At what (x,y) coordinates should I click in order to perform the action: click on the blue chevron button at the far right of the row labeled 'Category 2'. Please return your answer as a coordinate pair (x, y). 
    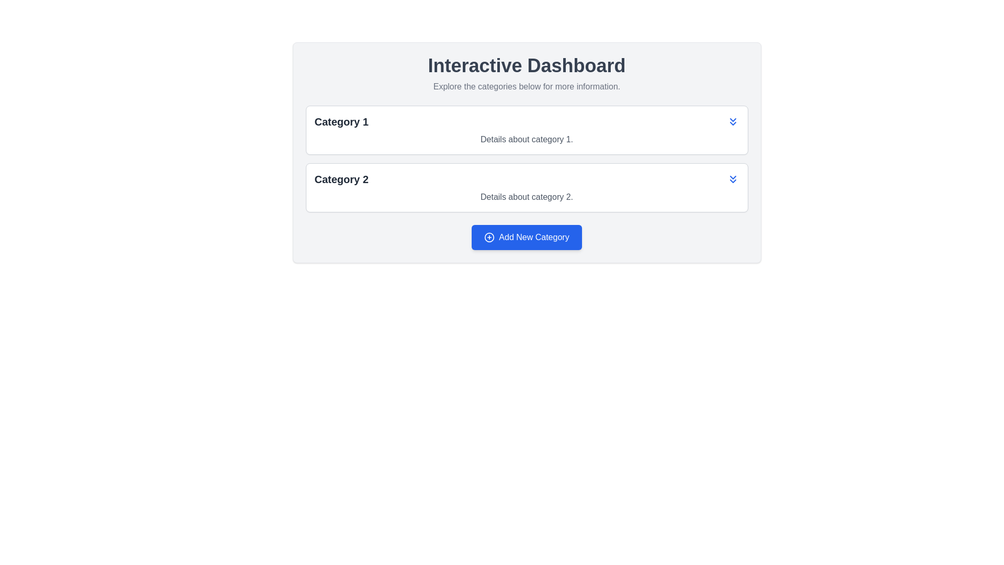
    Looking at the image, I should click on (732, 179).